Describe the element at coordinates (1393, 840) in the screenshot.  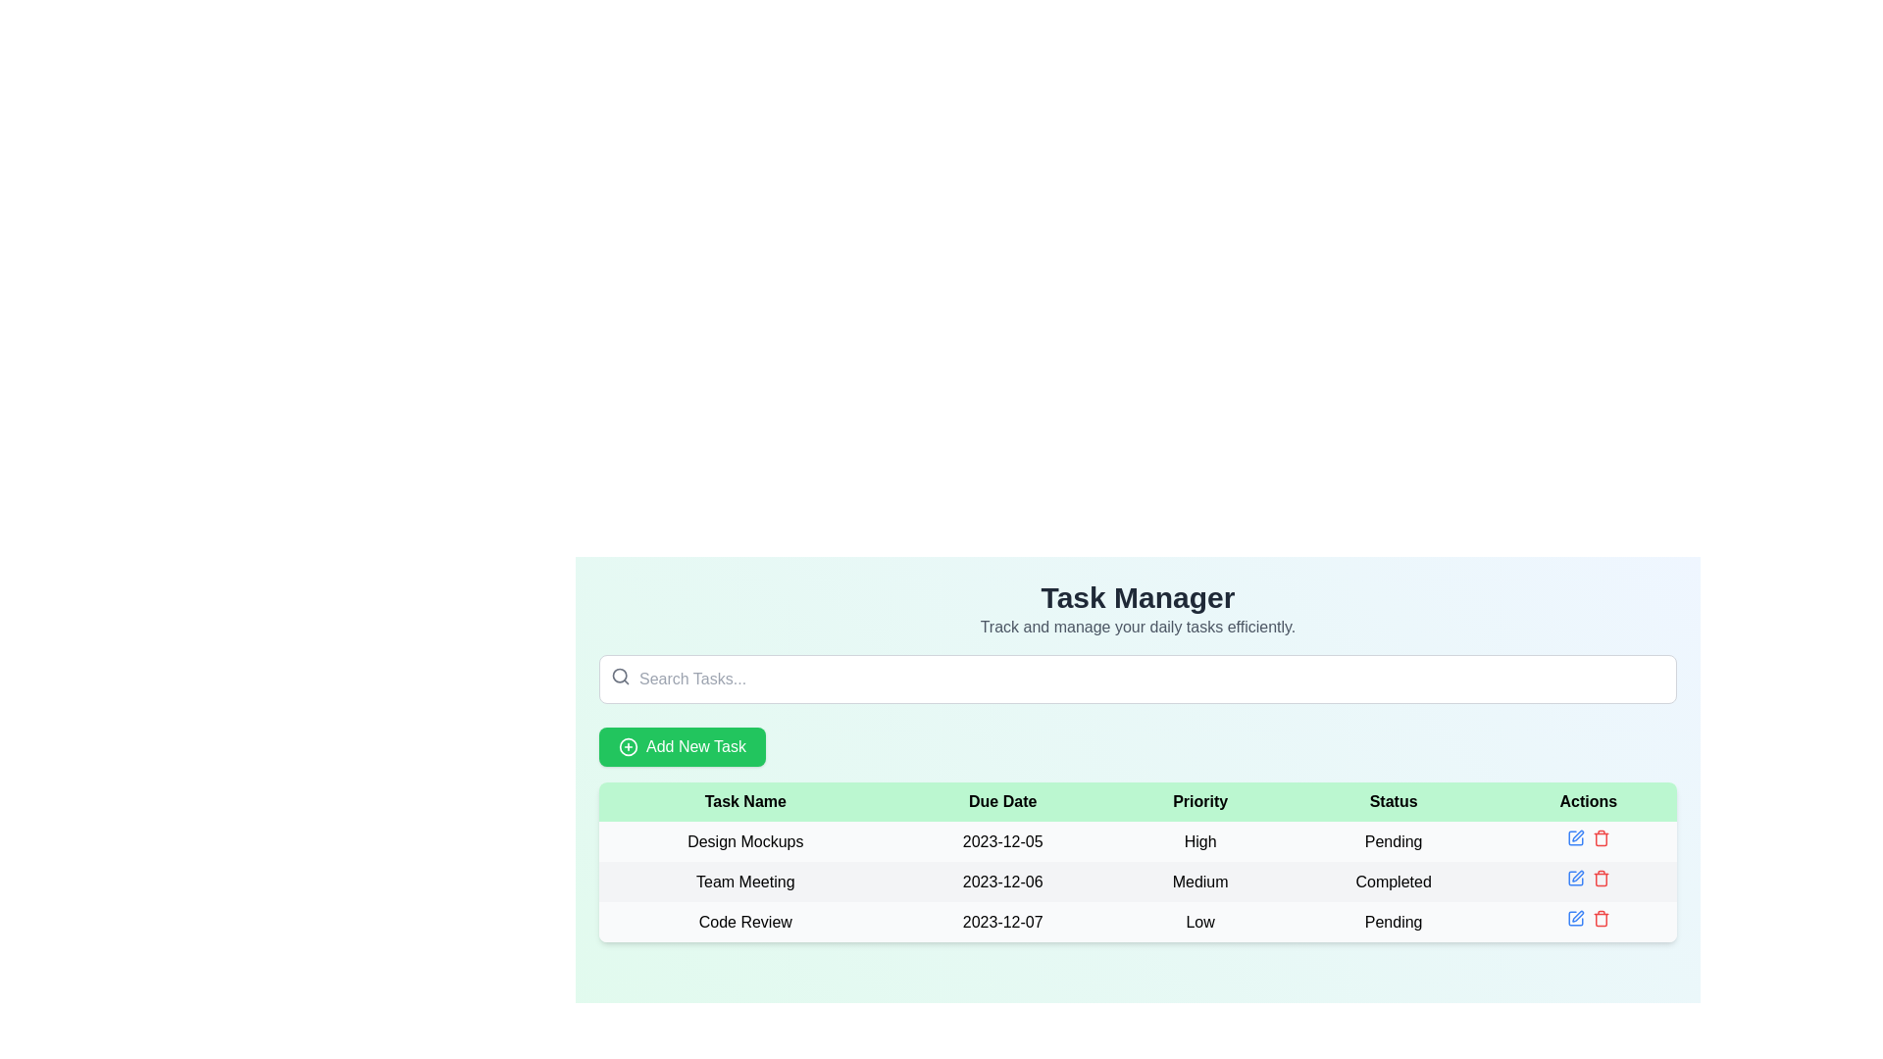
I see `the 'Pending' status indicator text label in the 'Status' column of the row corresponding to the task named 'Design Mockups'` at that location.